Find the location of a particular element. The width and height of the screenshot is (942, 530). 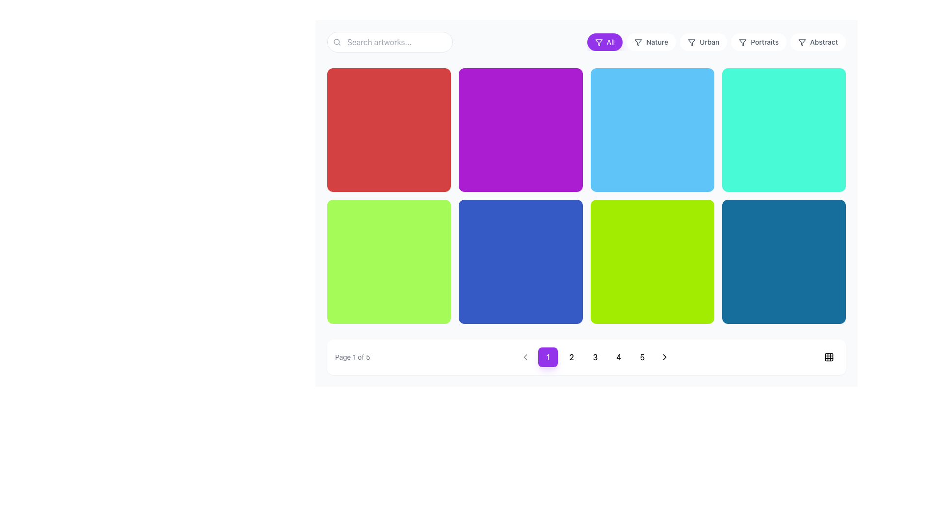

the circular button displaying the digit '5' is located at coordinates (642, 357).